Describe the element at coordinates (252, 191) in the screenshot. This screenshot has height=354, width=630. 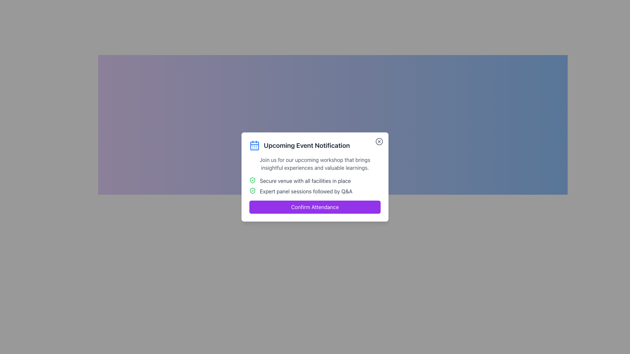
I see `the green shield icon with a checkmark located to the left of the second line of text in the modal, near the phrase 'Expert panel sessions followed by Q&A'` at that location.